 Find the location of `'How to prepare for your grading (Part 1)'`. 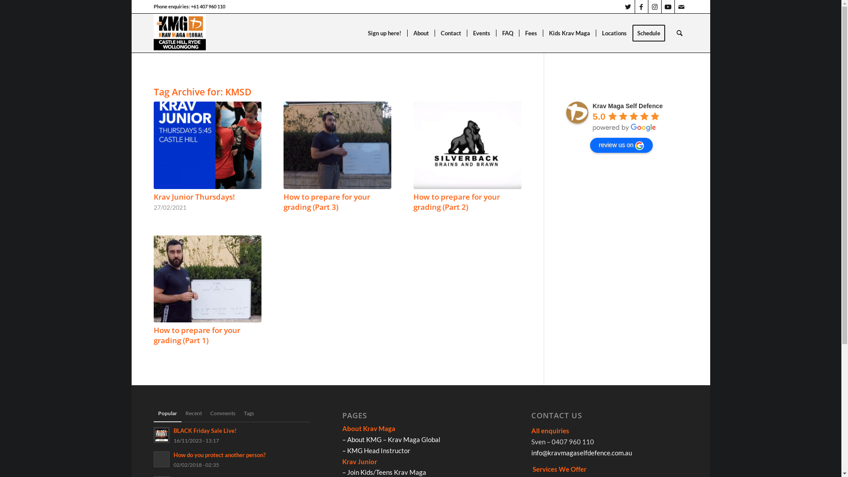

'How to prepare for your grading (Part 1)' is located at coordinates (197, 335).